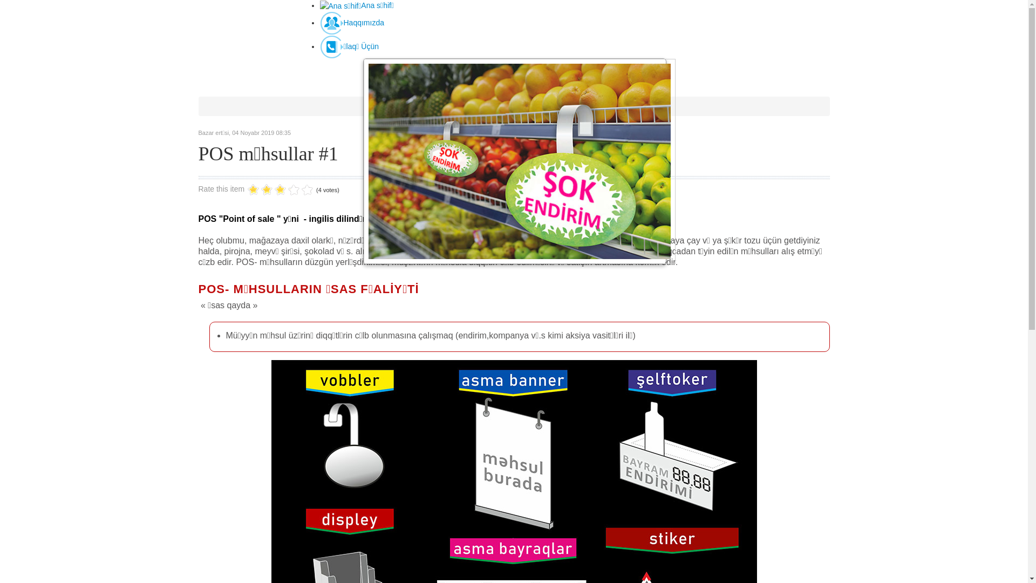  Describe the element at coordinates (253, 189) in the screenshot. I see `'1'` at that location.